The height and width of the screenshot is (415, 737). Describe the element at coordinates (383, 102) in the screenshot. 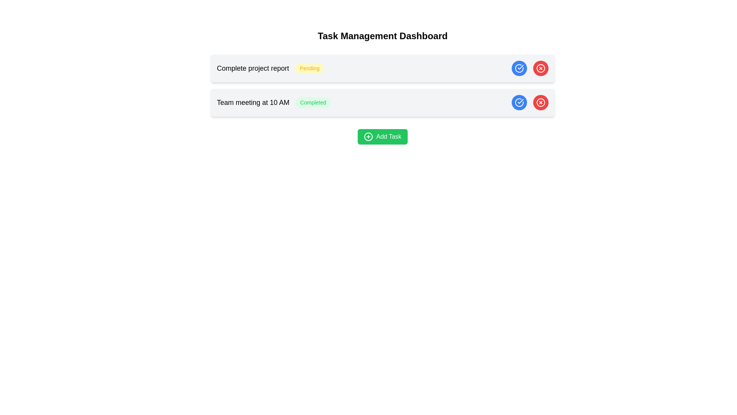

I see `the second Task card in the vertical list, located below the 'Complete project report' card` at that location.